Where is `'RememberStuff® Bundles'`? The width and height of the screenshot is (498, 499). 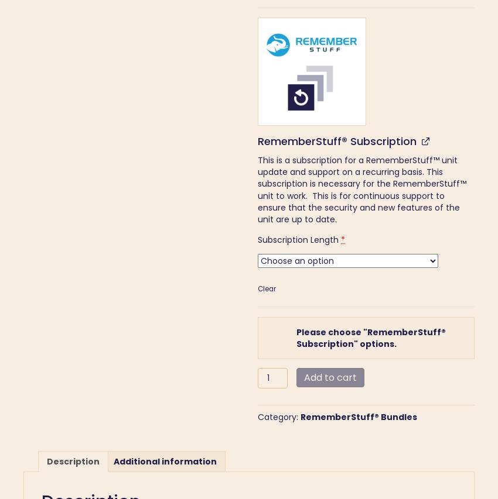
'RememberStuff® Bundles' is located at coordinates (358, 417).